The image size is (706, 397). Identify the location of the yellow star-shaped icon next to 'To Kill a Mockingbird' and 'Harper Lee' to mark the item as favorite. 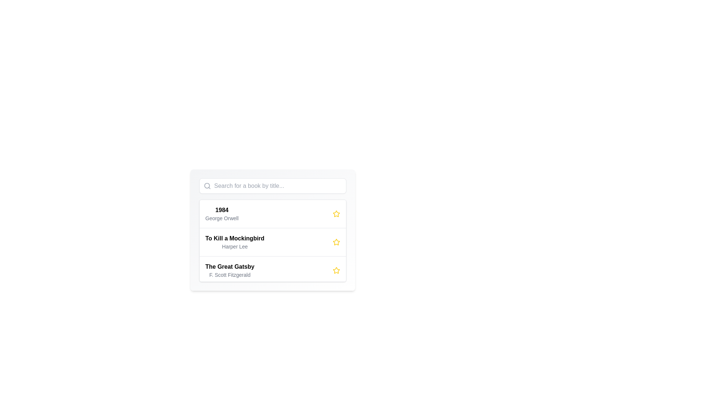
(336, 242).